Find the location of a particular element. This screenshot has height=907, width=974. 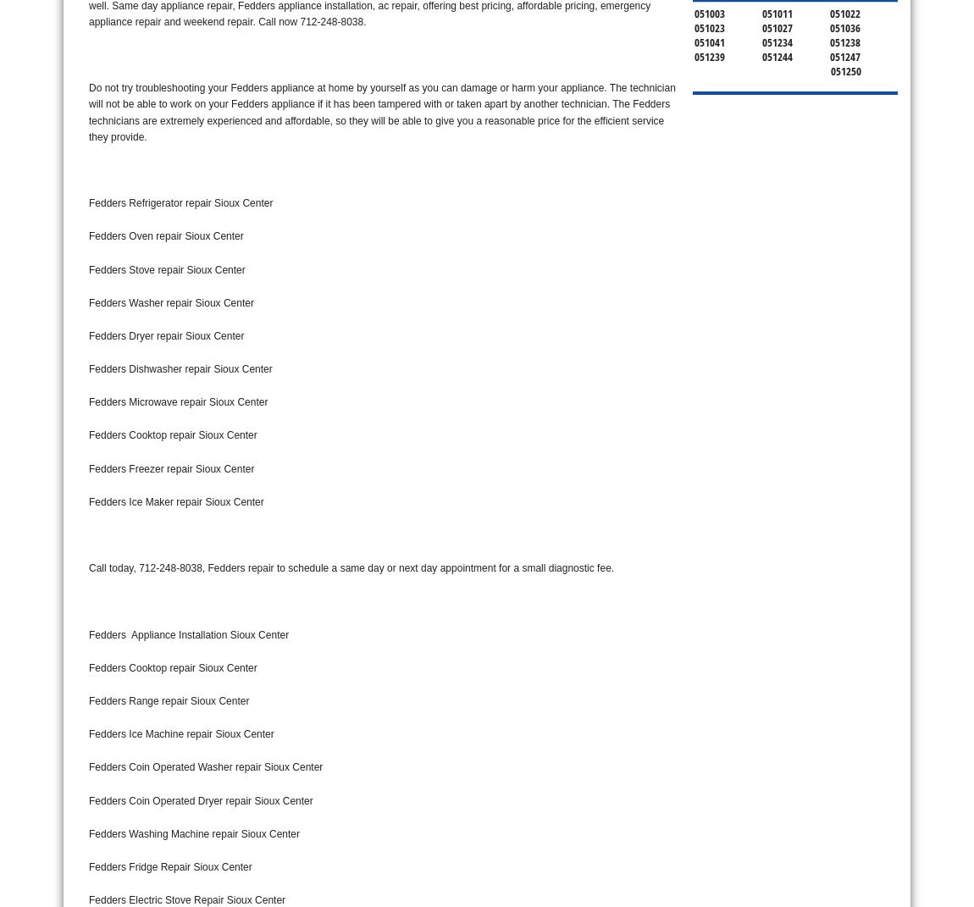

'051011' is located at coordinates (777, 11).